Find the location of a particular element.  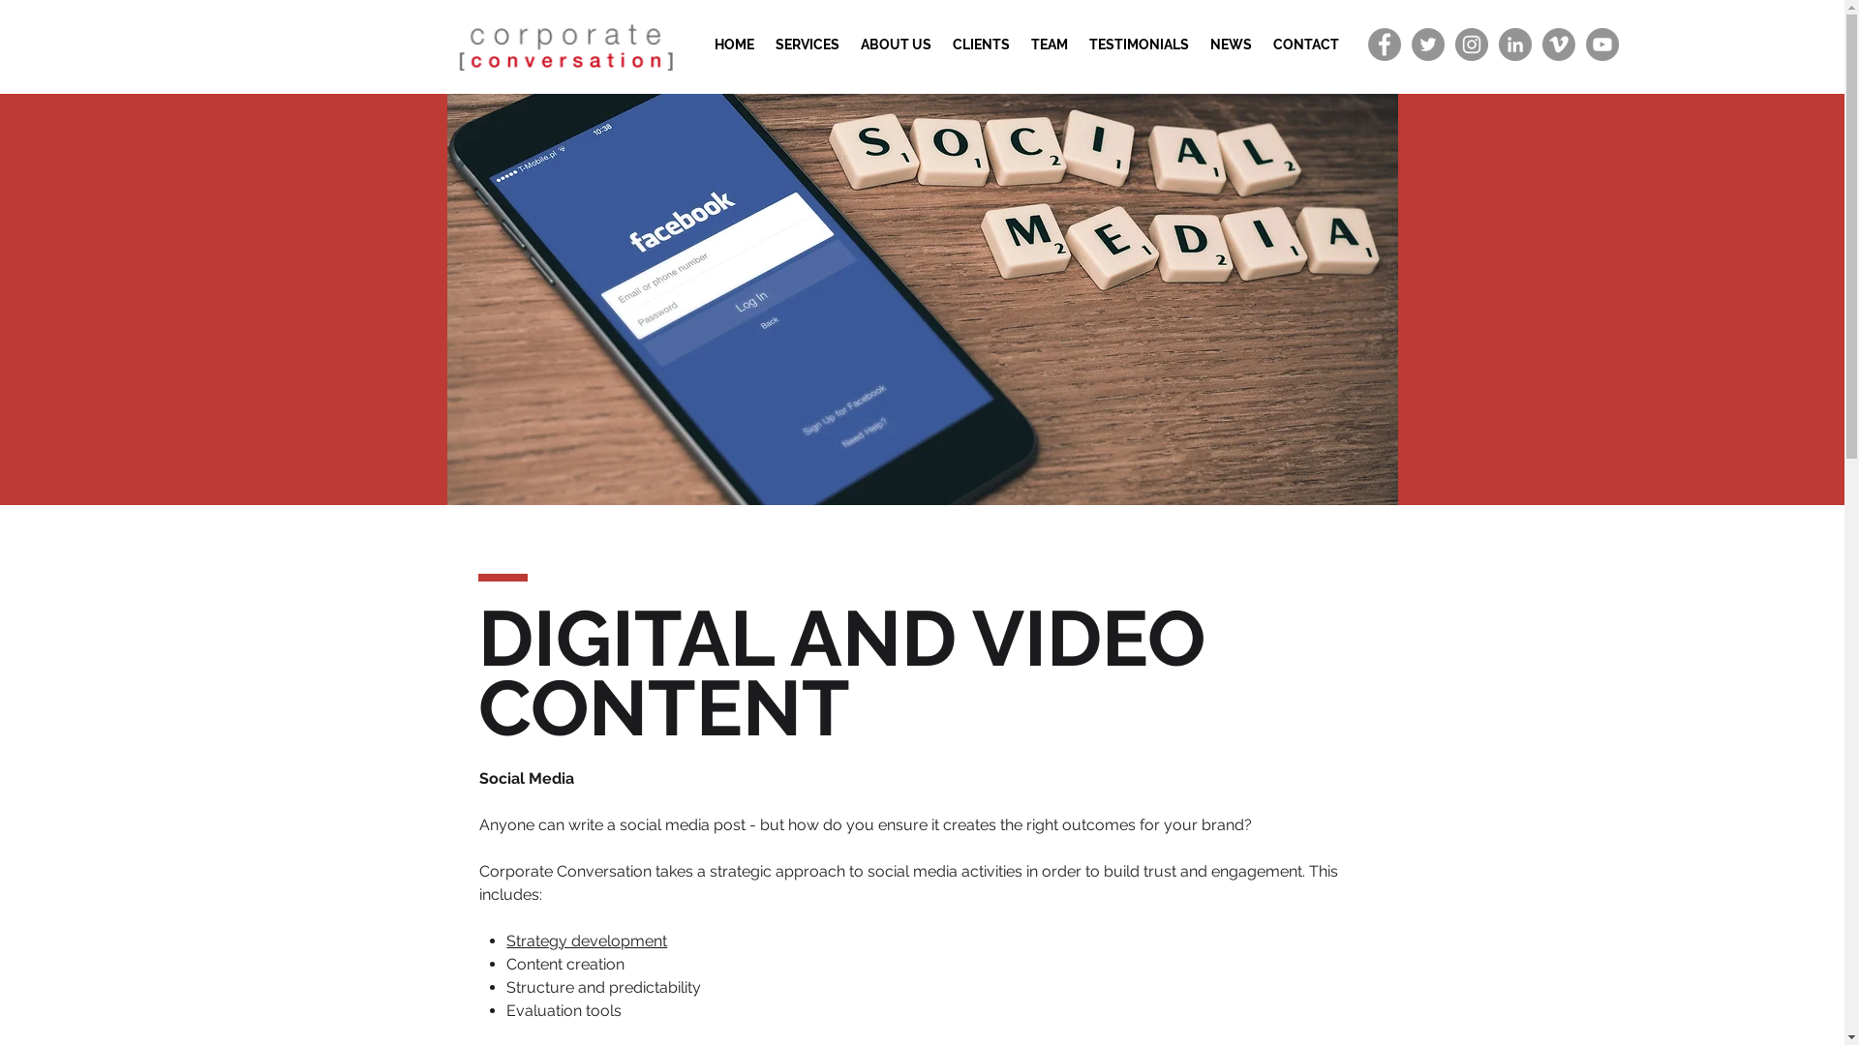

'ABOUT US' is located at coordinates (850, 44).